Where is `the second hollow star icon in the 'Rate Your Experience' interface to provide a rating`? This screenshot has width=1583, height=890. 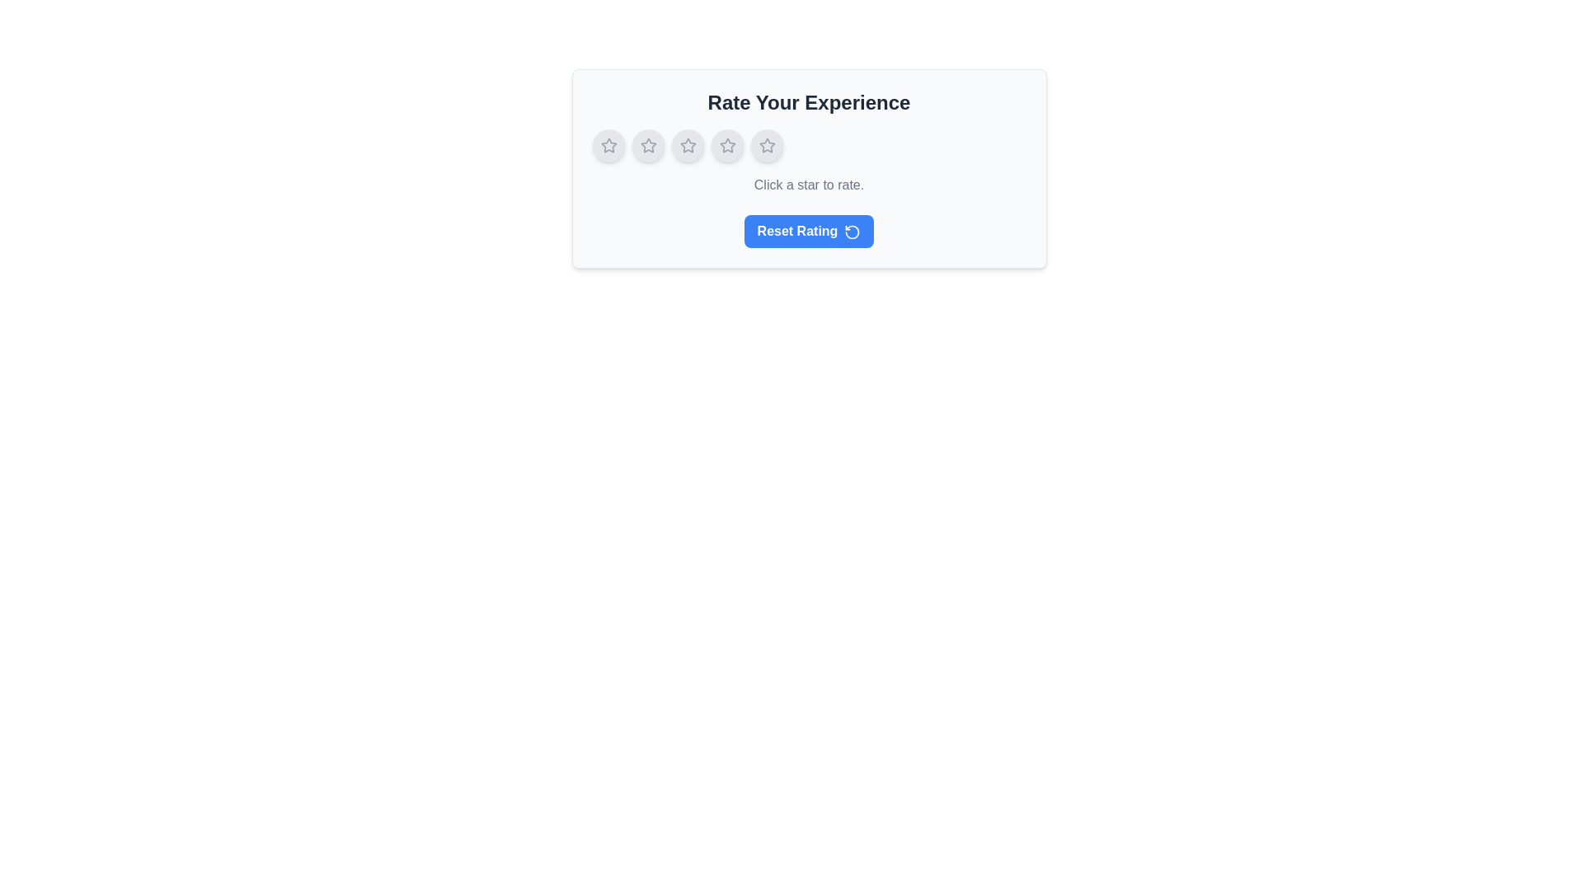
the second hollow star icon in the 'Rate Your Experience' interface to provide a rating is located at coordinates (647, 144).